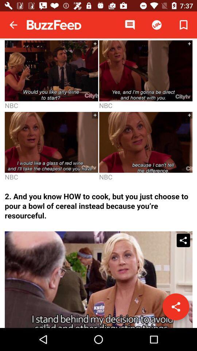  Describe the element at coordinates (175, 307) in the screenshot. I see `share the image` at that location.